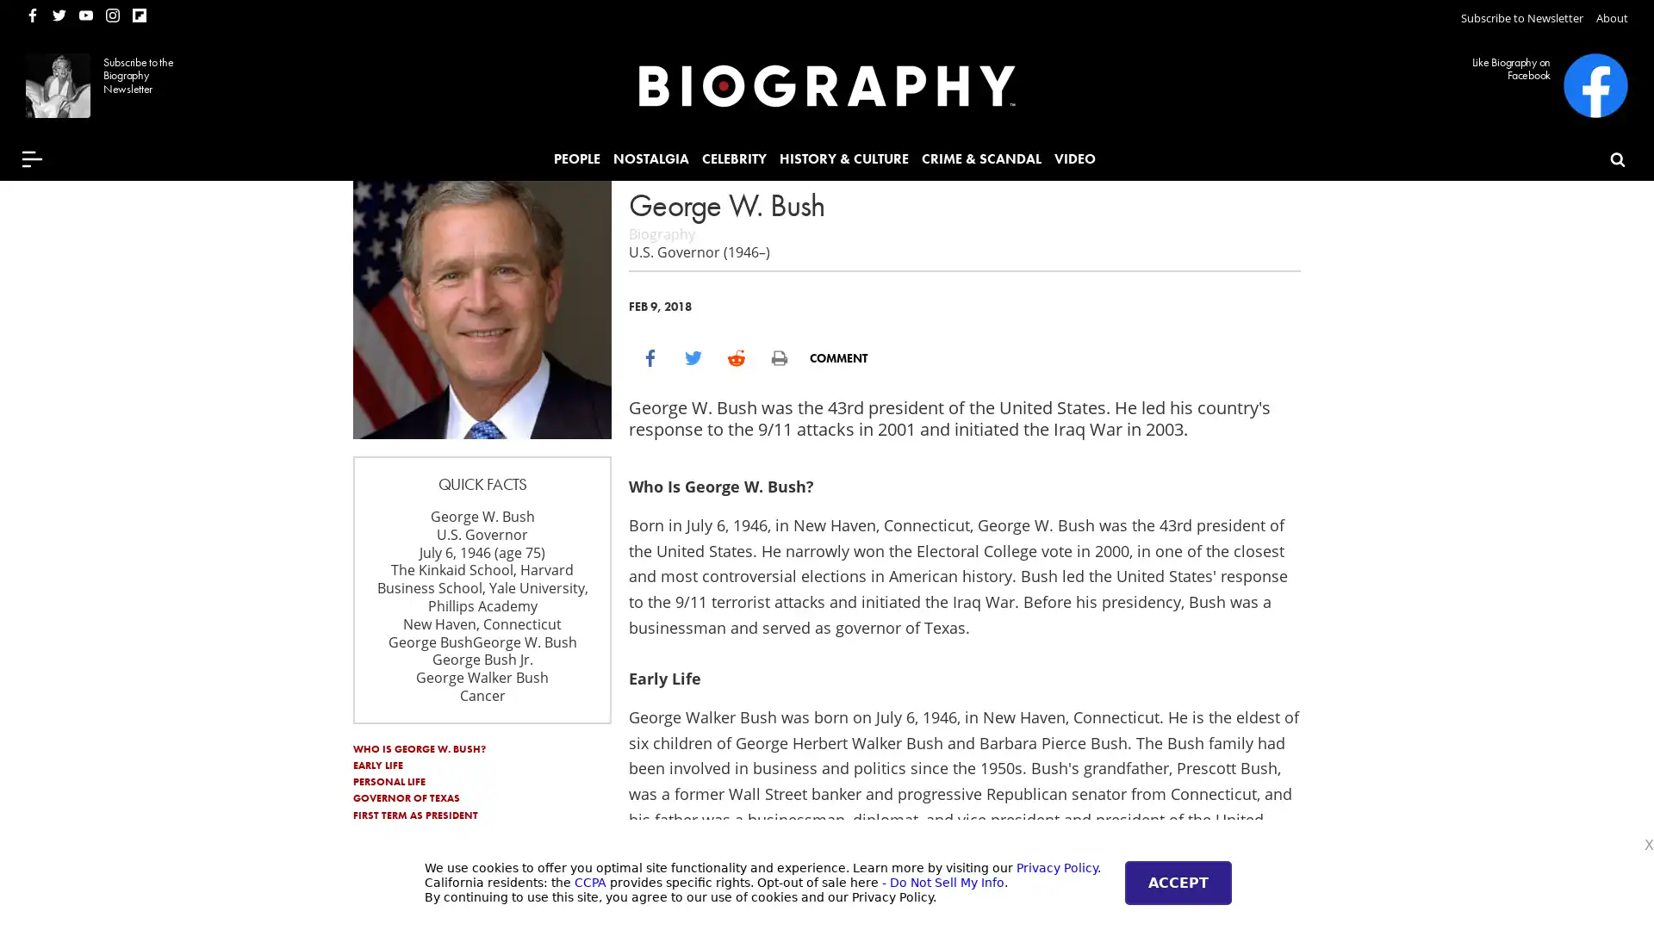 The image size is (1654, 930). Describe the element at coordinates (827, 541) in the screenshot. I see `Subscribe` at that location.